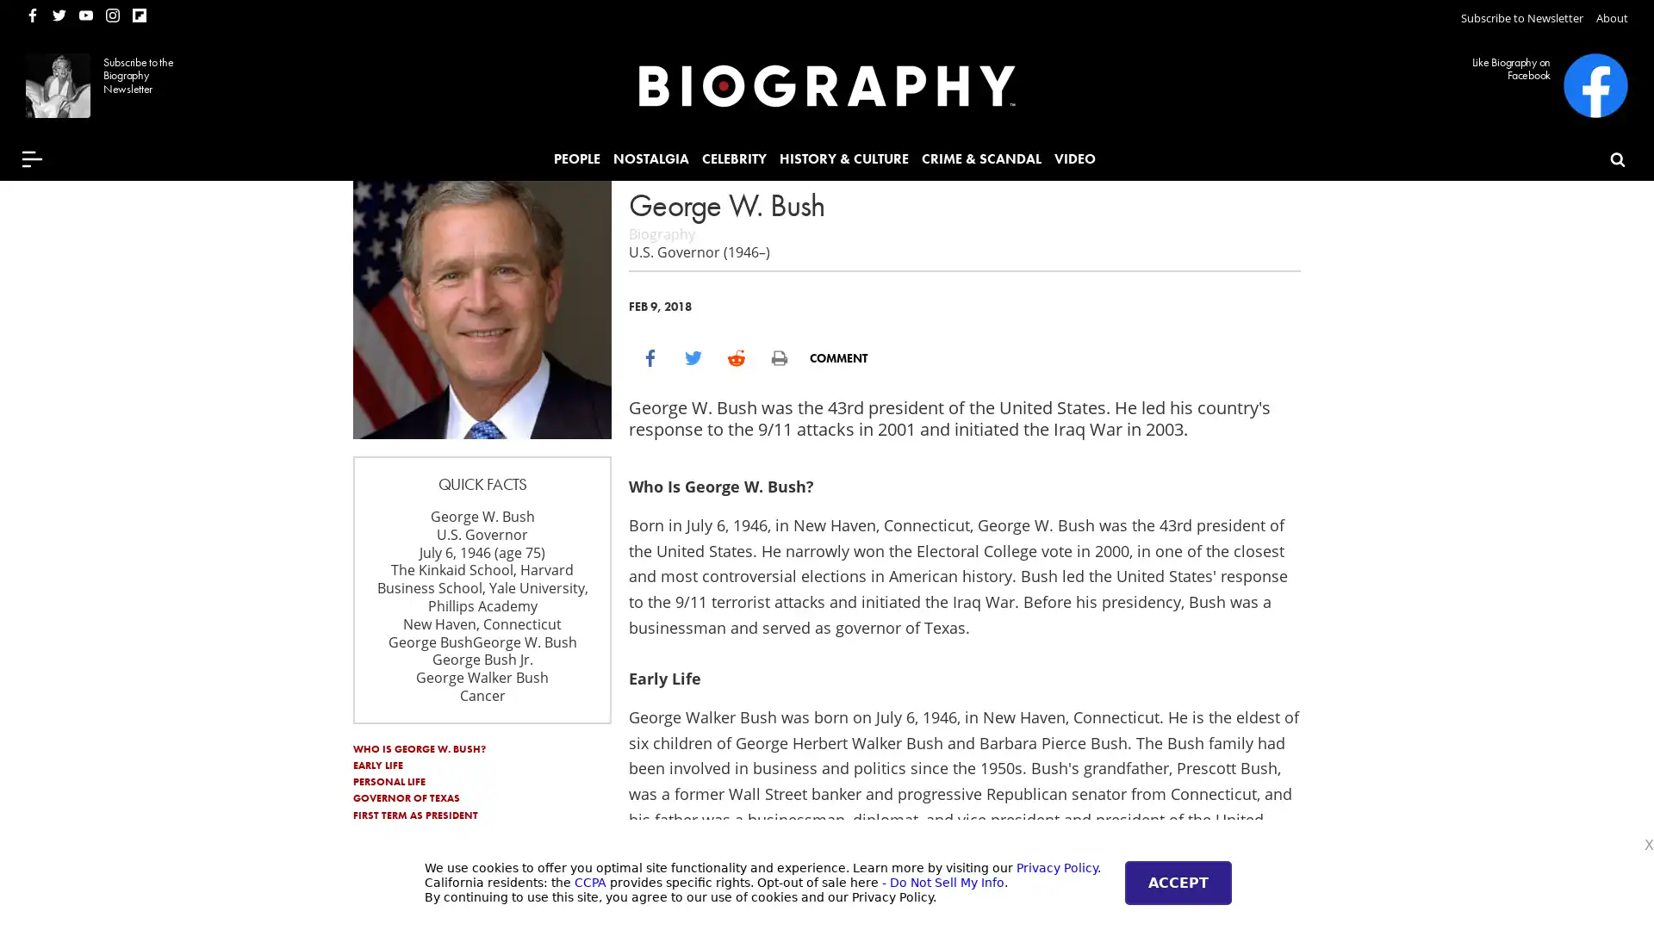 The image size is (1654, 930). Describe the element at coordinates (827, 541) in the screenshot. I see `Subscribe` at that location.